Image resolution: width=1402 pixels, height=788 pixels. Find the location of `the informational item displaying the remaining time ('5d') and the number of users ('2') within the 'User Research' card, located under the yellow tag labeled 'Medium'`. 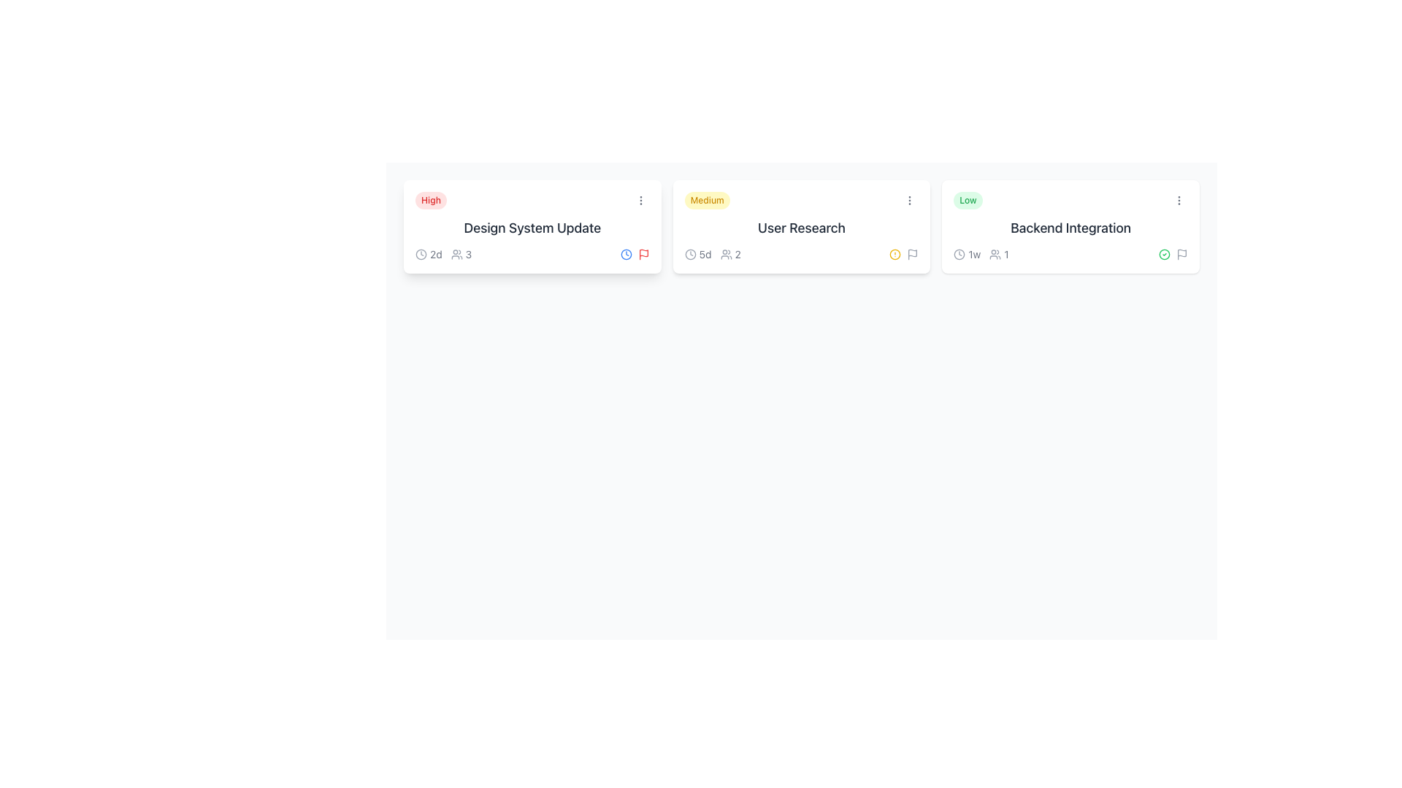

the informational item displaying the remaining time ('5d') and the number of users ('2') within the 'User Research' card, located under the yellow tag labeled 'Medium' is located at coordinates (713, 253).